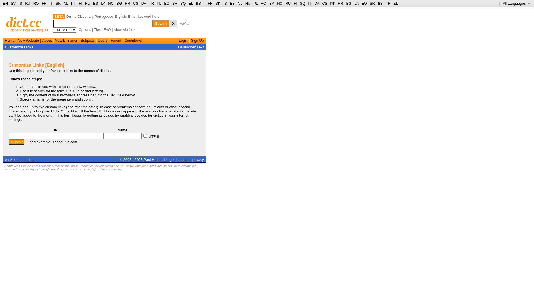 The height and width of the screenshot is (300, 534). I want to click on 'More information', so click(173, 166).